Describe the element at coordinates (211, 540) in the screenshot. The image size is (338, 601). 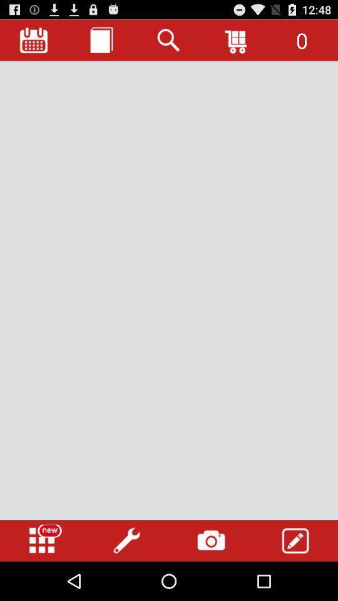
I see `camera` at that location.